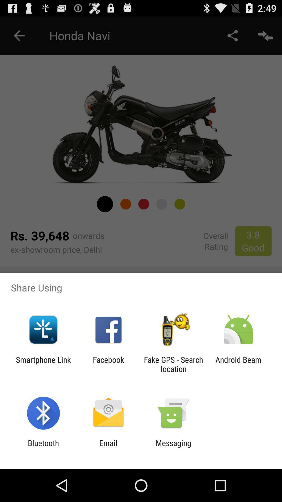  I want to click on the icon to the right of the smartphone link app, so click(108, 364).